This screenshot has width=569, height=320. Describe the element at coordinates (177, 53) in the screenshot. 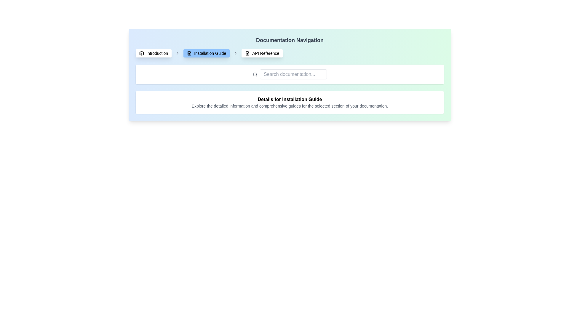

I see `the chevron icon that visually separates 'Introduction' and 'Installation Guide' in the breadcrumb navigation bar at the top of the page` at that location.